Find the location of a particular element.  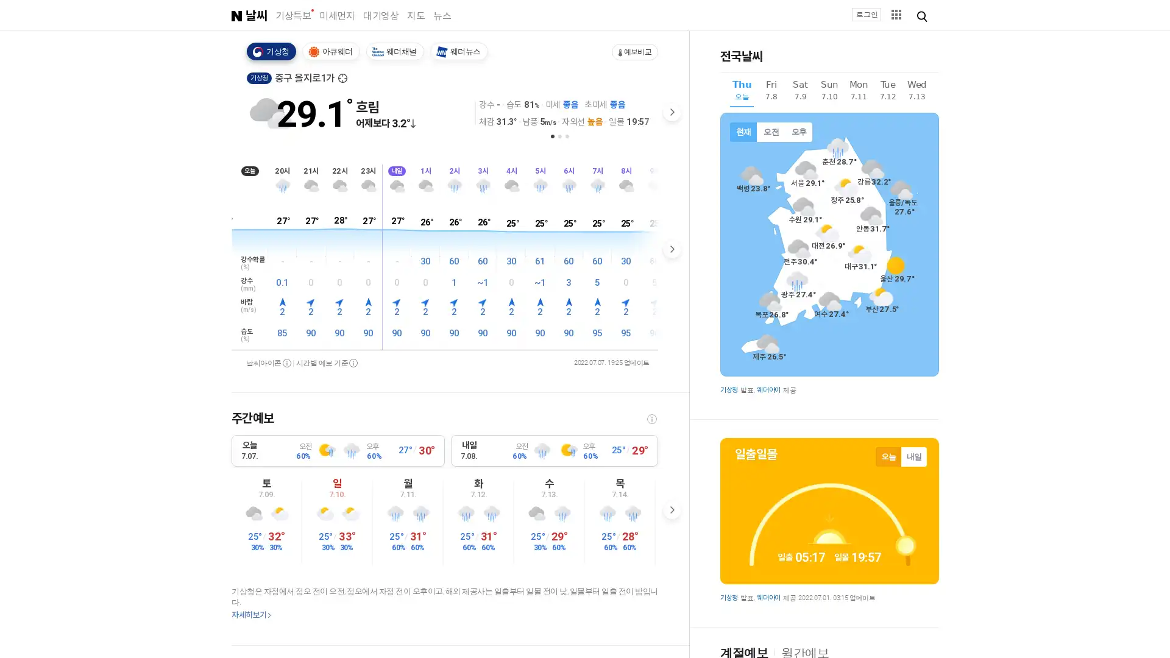

Tue 7.12 is located at coordinates (888, 91).